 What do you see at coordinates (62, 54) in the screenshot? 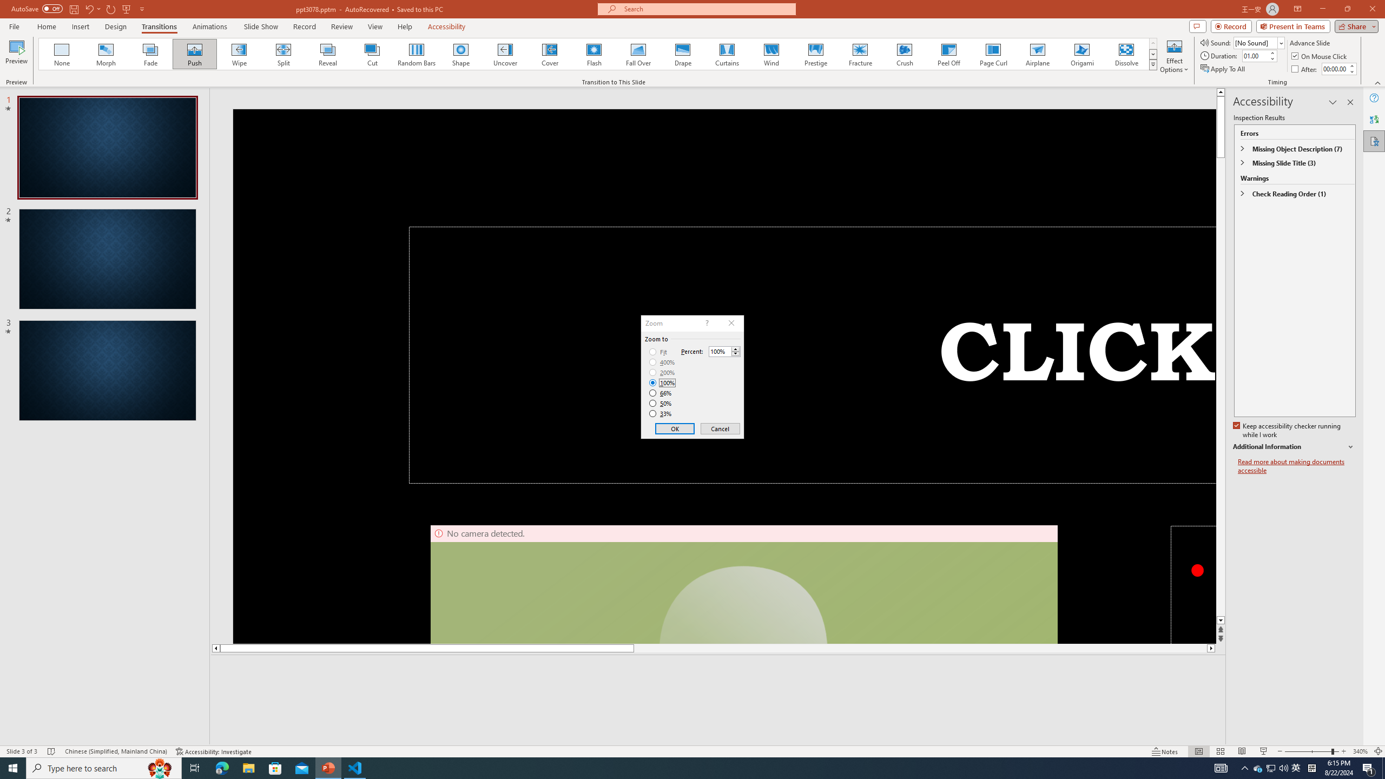
I see `'None'` at bounding box center [62, 54].